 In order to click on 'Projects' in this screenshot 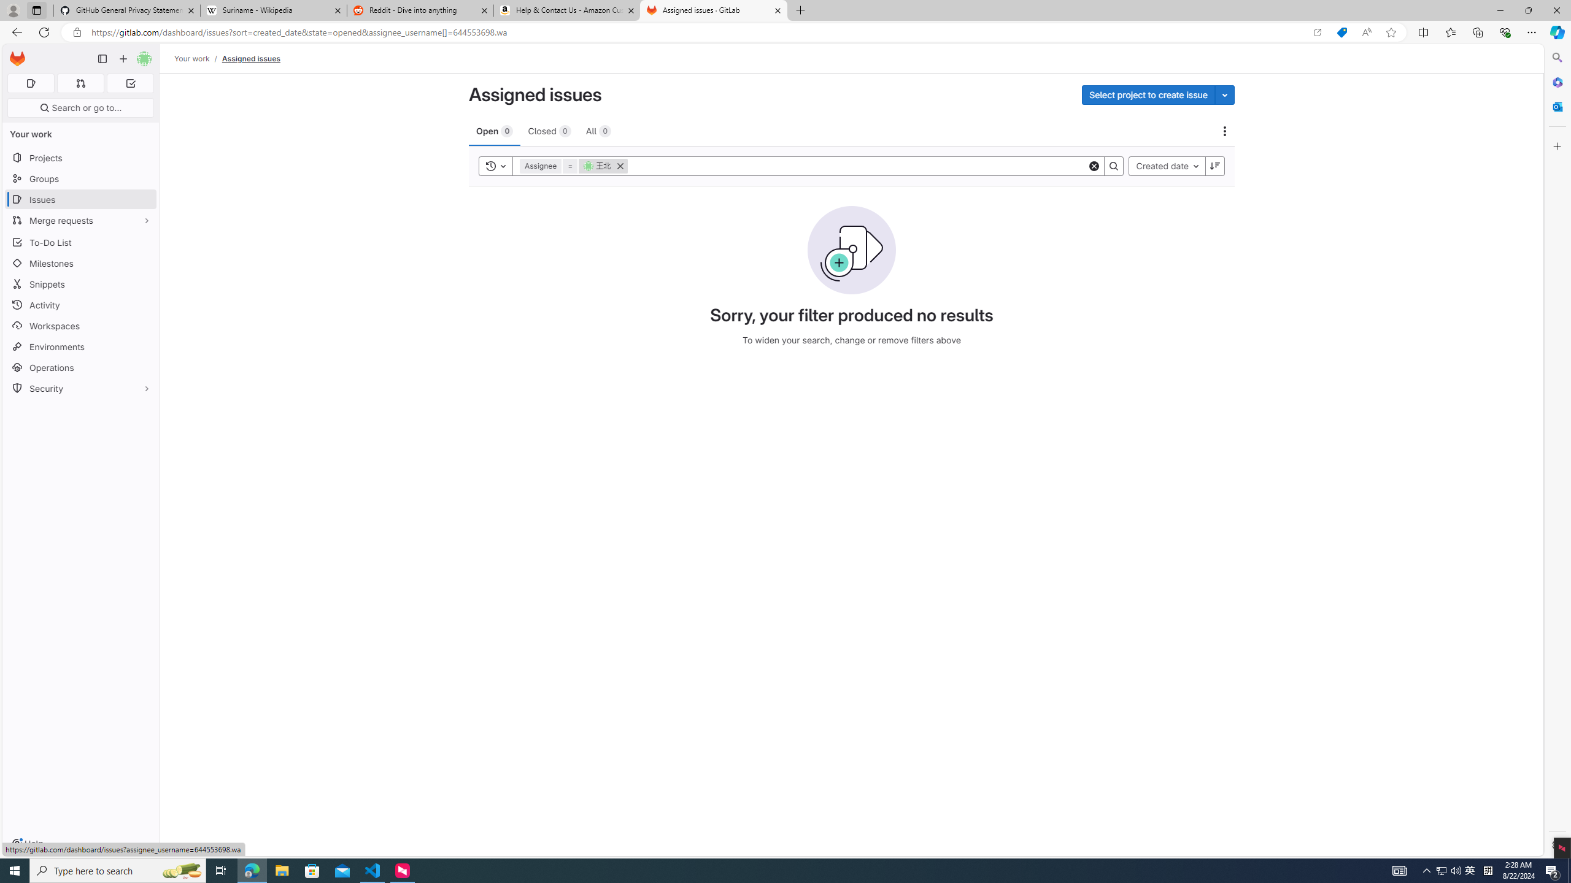, I will do `click(80, 157)`.